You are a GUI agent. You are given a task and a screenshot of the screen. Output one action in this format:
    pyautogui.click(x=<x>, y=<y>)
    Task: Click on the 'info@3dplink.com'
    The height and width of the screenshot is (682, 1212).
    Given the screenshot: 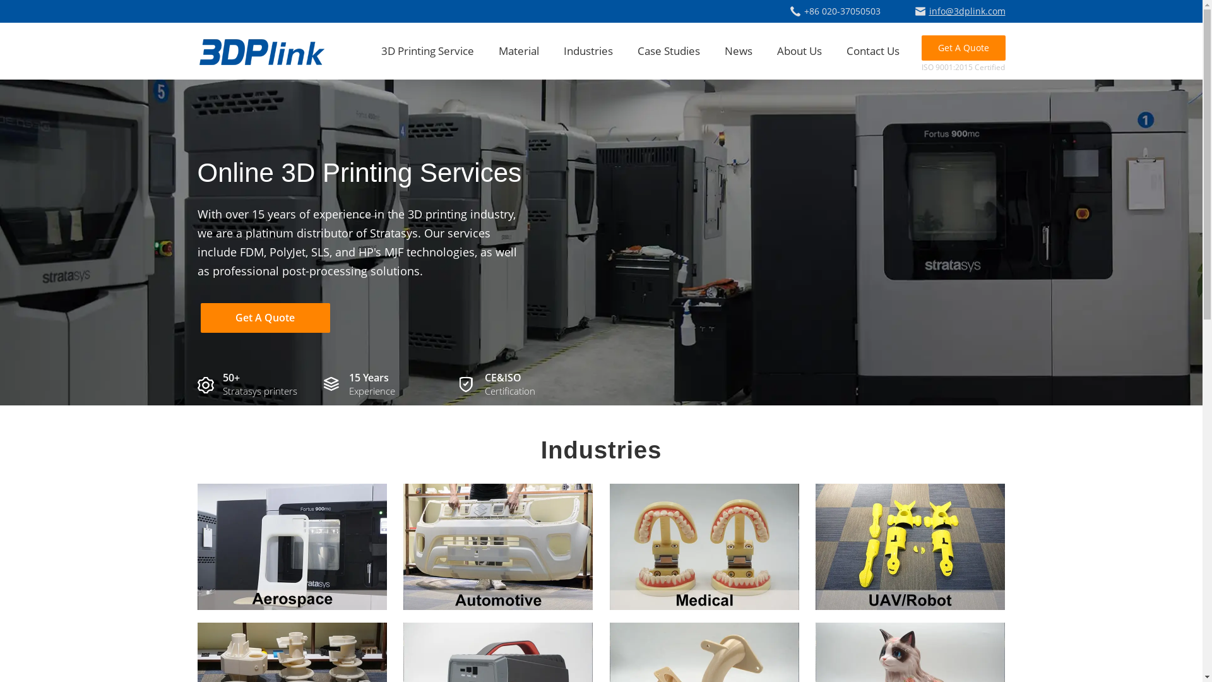 What is the action you would take?
    pyautogui.click(x=959, y=11)
    